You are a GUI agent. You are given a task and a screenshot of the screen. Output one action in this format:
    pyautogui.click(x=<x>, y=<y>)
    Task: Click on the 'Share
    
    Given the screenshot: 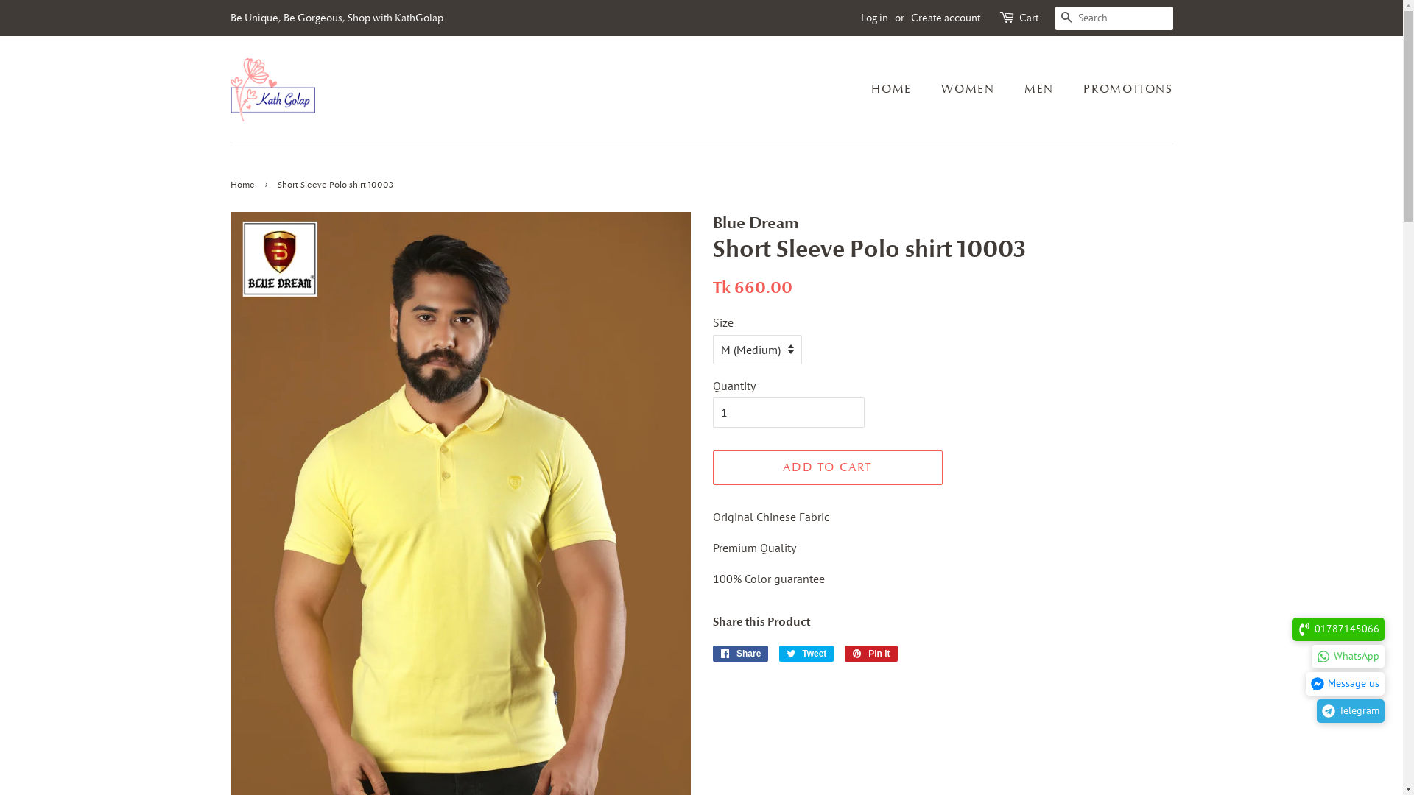 What is the action you would take?
    pyautogui.click(x=741, y=652)
    